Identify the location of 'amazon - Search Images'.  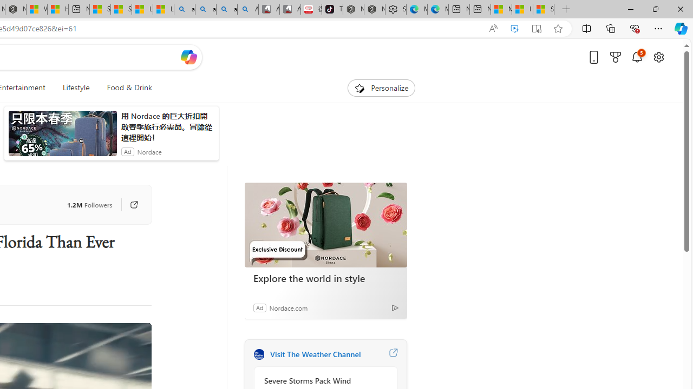
(226, 9).